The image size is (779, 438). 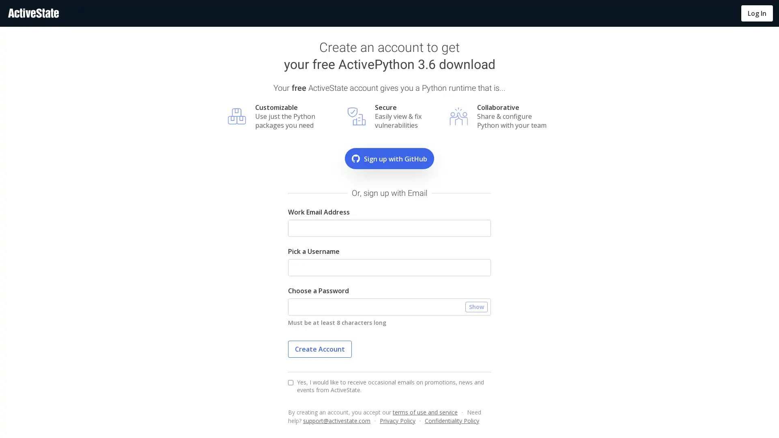 What do you see at coordinates (389, 158) in the screenshot?
I see `Sign up with GitHub` at bounding box center [389, 158].